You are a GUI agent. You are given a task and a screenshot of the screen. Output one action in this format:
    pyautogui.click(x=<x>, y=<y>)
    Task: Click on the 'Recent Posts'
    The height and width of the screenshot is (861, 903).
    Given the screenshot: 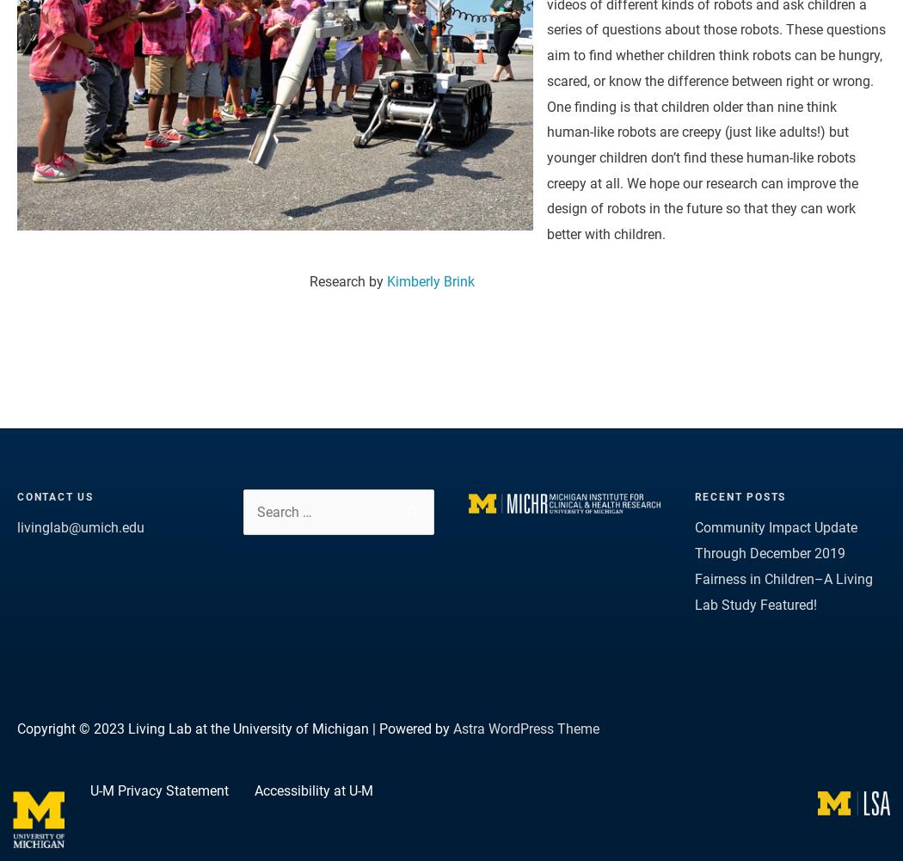 What is the action you would take?
    pyautogui.click(x=740, y=496)
    